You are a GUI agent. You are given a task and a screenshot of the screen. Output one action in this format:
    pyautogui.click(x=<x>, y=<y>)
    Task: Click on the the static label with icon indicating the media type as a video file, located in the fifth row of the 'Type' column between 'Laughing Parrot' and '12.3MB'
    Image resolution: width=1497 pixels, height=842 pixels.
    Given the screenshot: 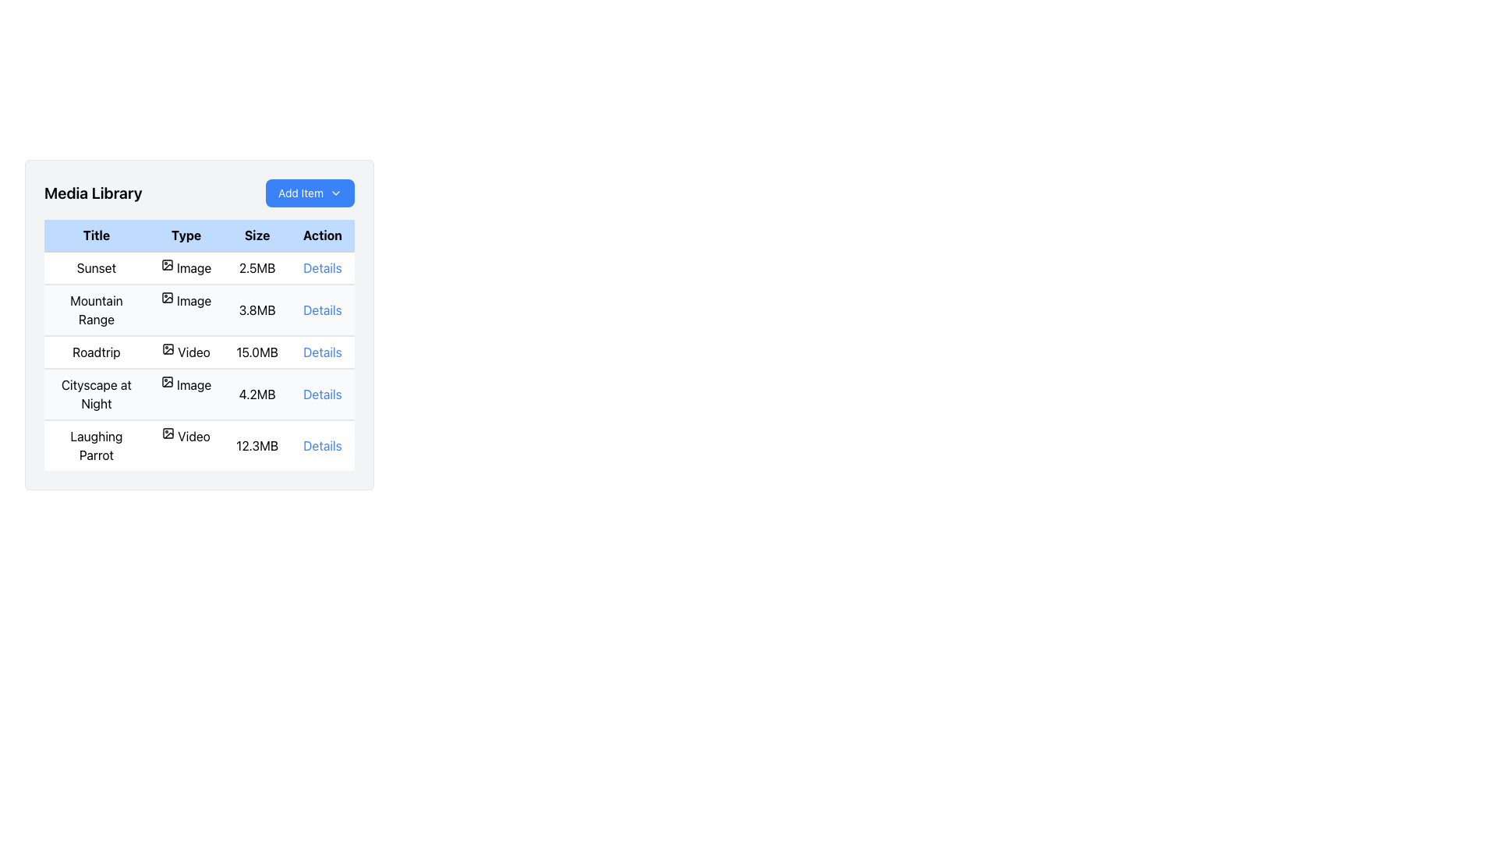 What is the action you would take?
    pyautogui.click(x=186, y=436)
    